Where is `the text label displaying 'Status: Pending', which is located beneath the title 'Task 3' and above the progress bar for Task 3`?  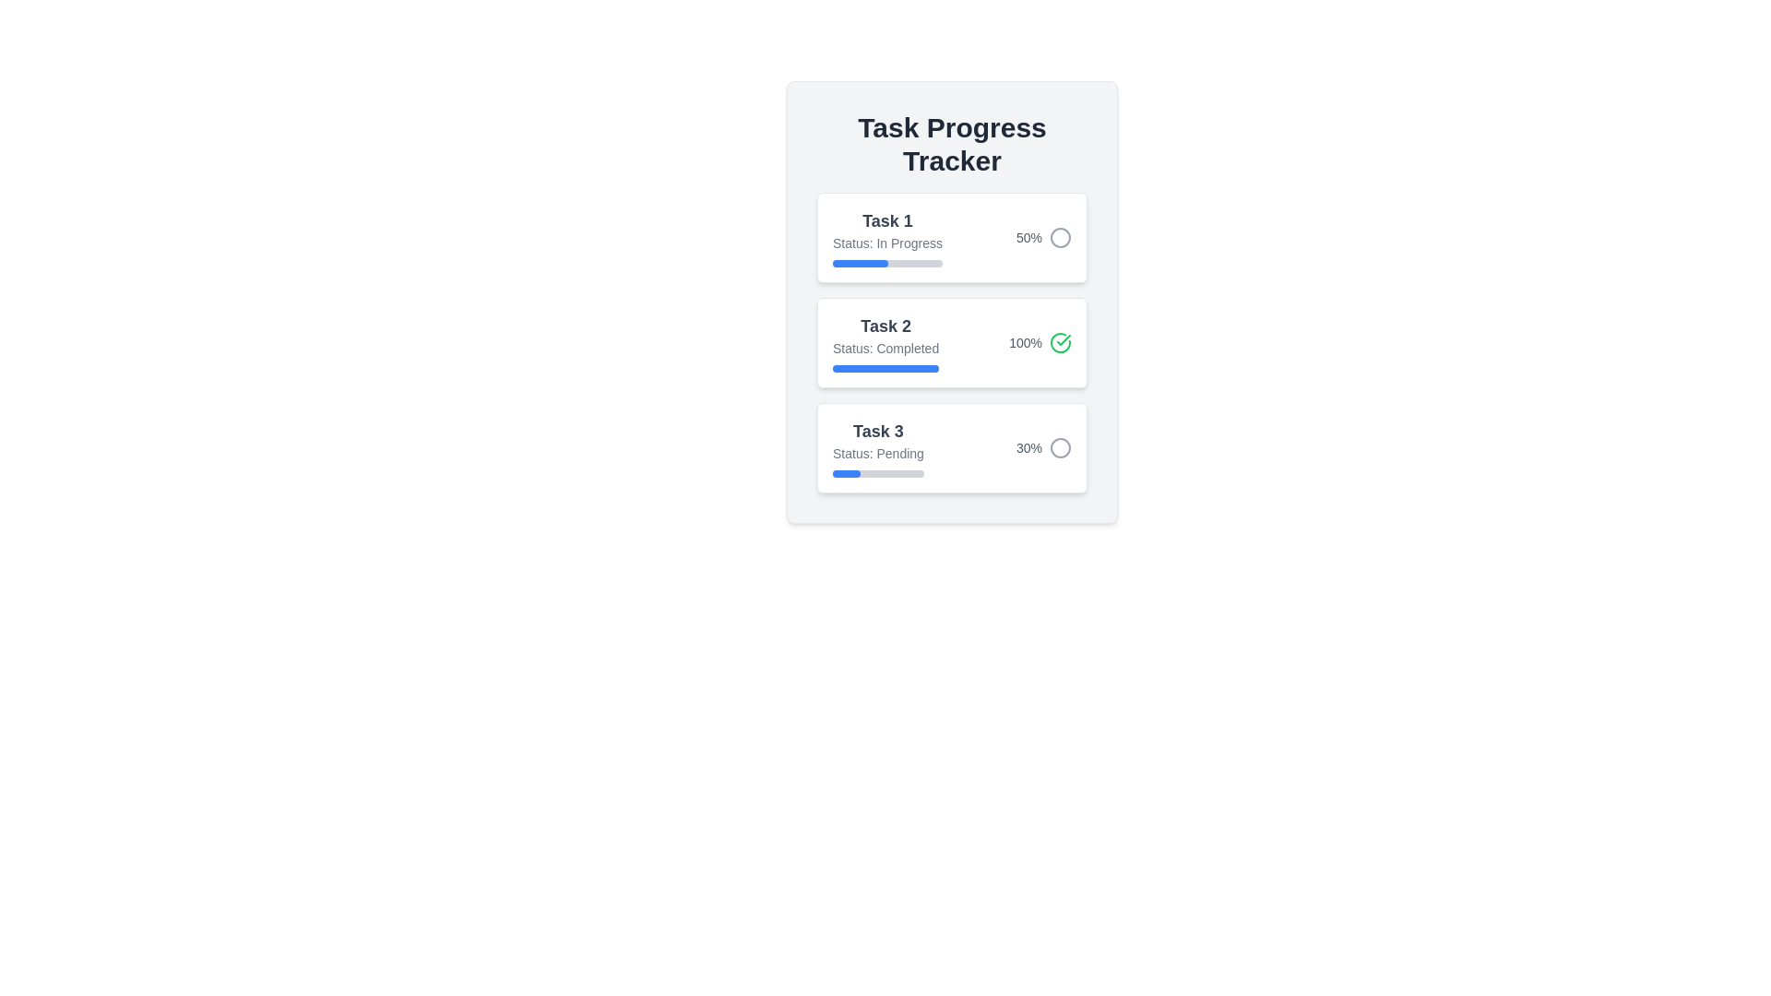
the text label displaying 'Status: Pending', which is located beneath the title 'Task 3' and above the progress bar for Task 3 is located at coordinates (877, 454).